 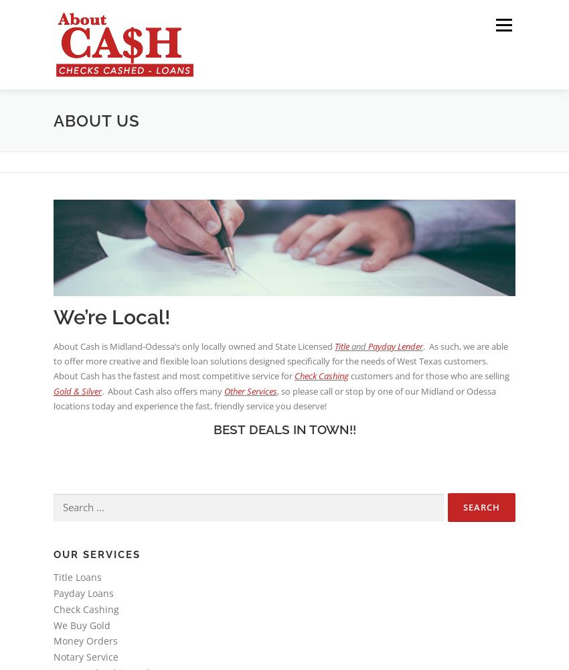 I want to click on 'Gold & Silver', so click(x=53, y=390).